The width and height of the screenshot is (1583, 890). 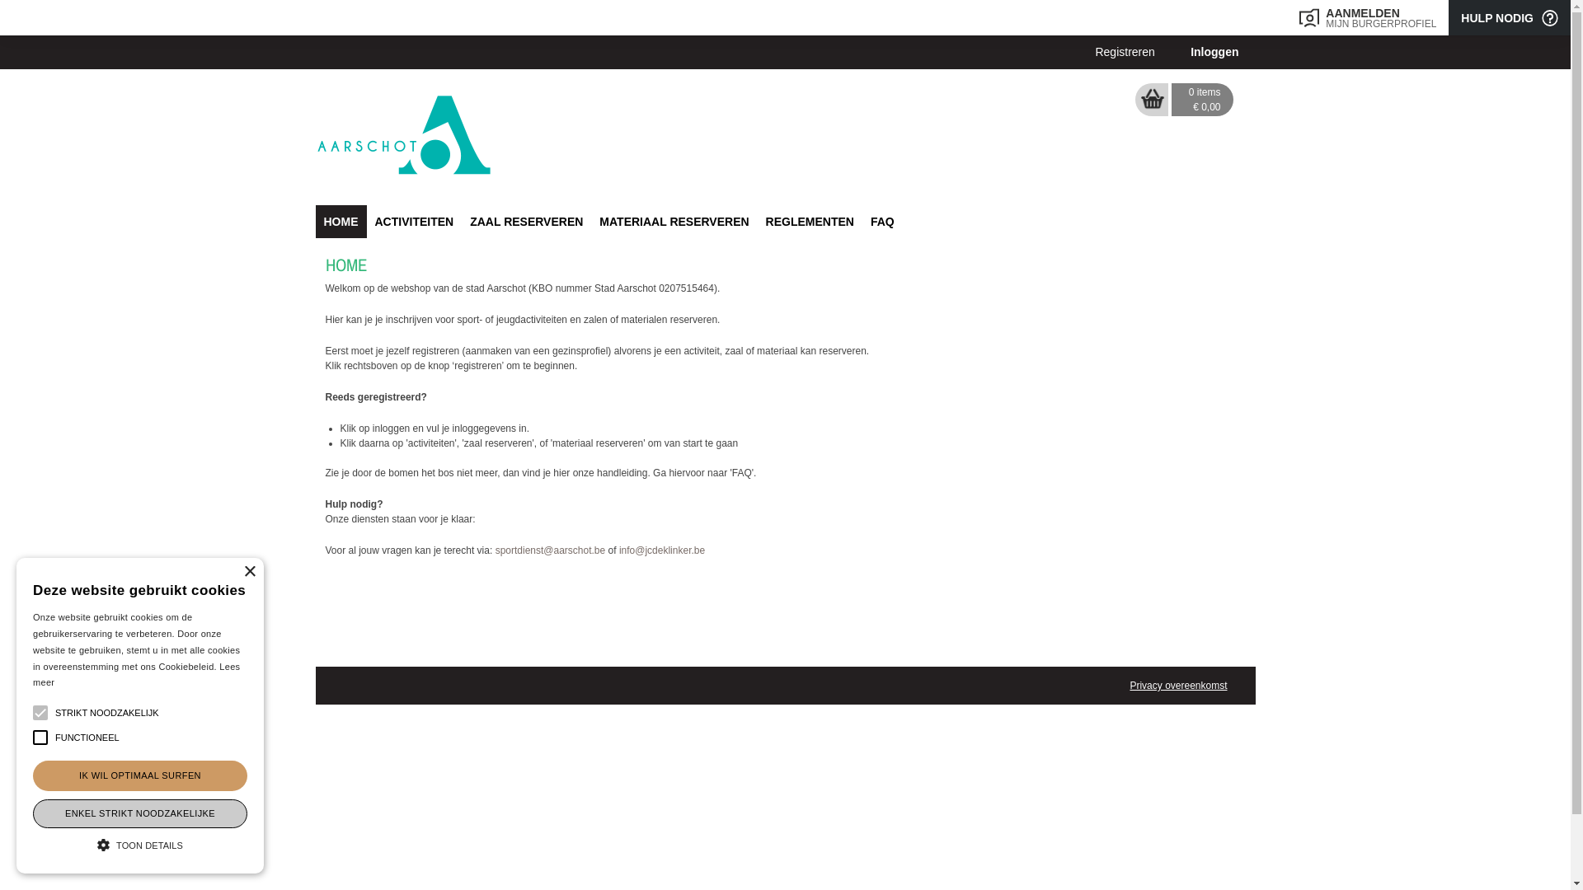 What do you see at coordinates (661, 550) in the screenshot?
I see `'info@jcdeklinker.be'` at bounding box center [661, 550].